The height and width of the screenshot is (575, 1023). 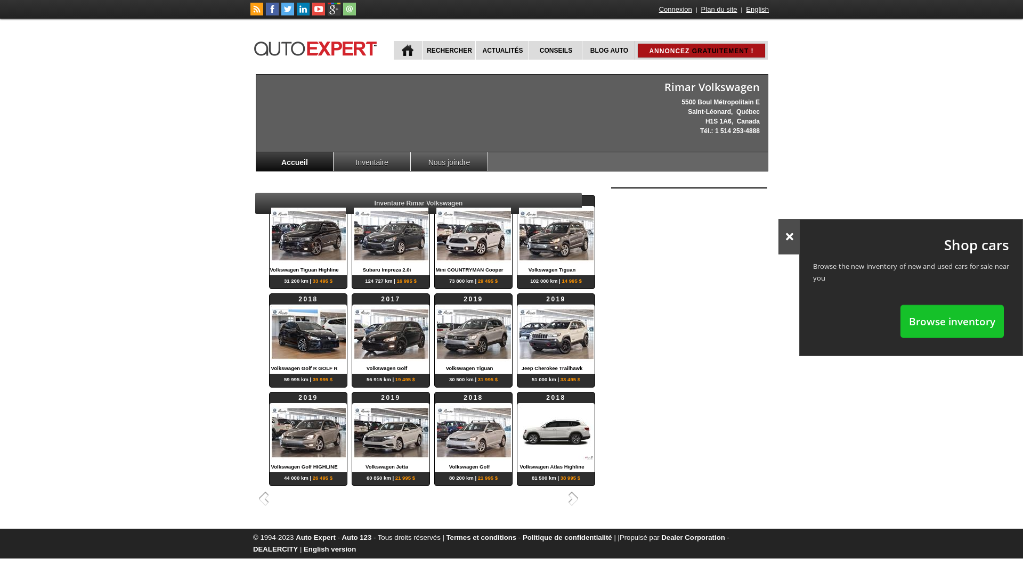 I want to click on 'Suivant', so click(x=574, y=498).